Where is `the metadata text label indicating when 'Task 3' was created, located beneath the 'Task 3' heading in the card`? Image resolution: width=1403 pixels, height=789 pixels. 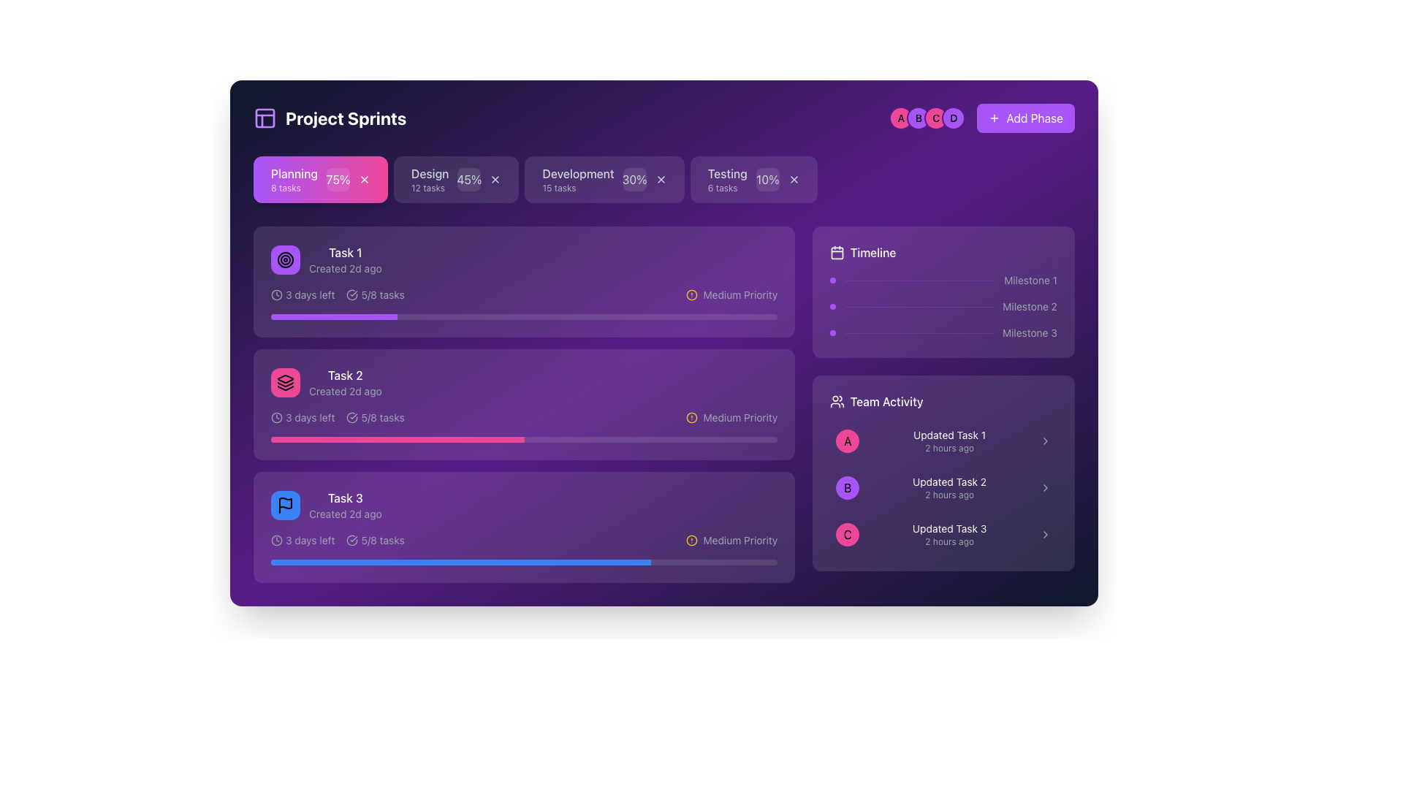
the metadata text label indicating when 'Task 3' was created, located beneath the 'Task 3' heading in the card is located at coordinates (344, 514).